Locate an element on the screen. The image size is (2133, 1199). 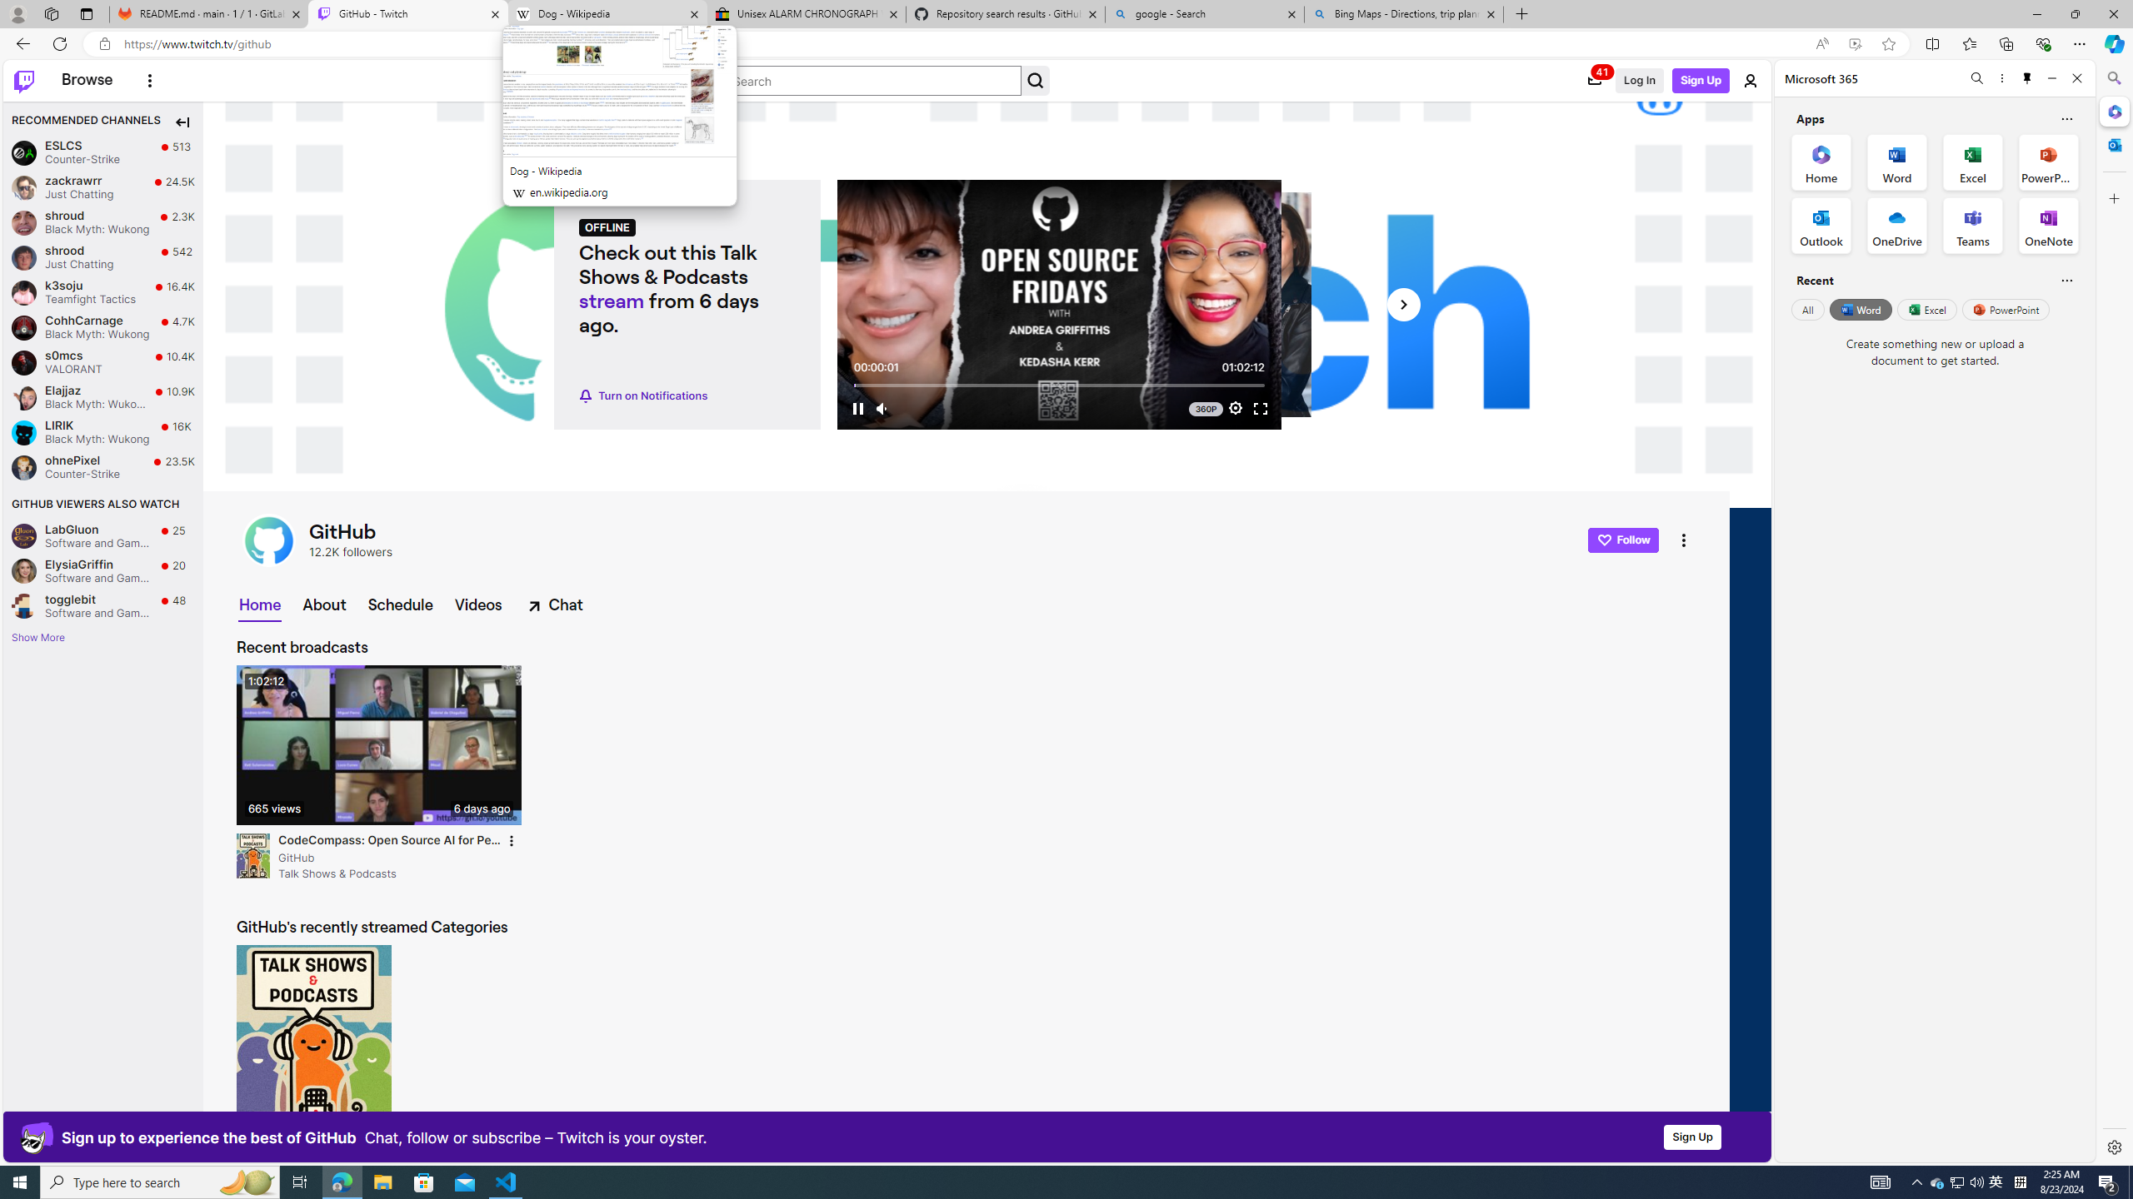
'Excel' is located at coordinates (1926, 309).